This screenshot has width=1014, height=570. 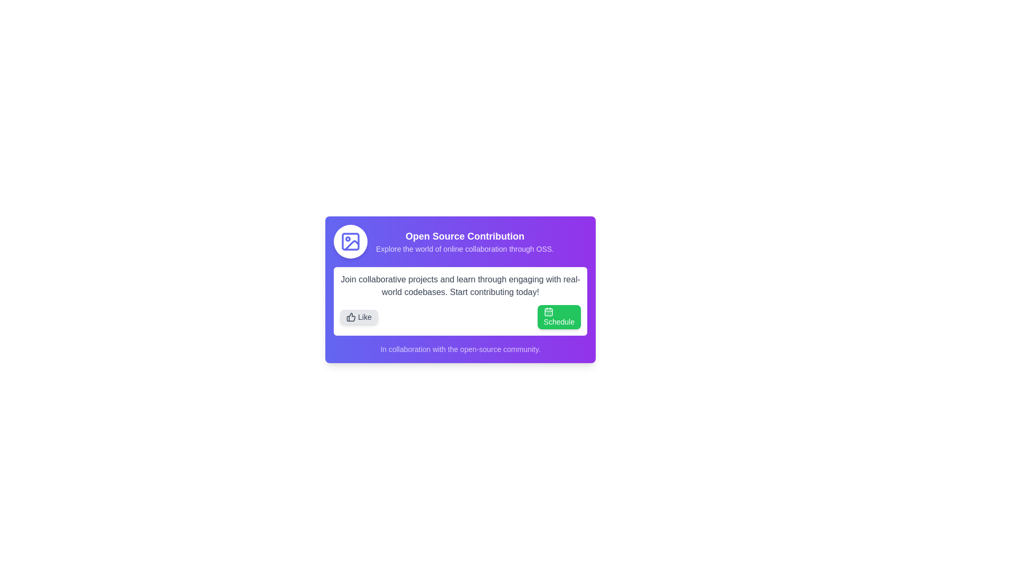 What do you see at coordinates (351, 317) in the screenshot?
I see `the design and styling of the thumbs-up icon located within the 'Like' button, positioned at the left side of the button, which is part of a card component` at bounding box center [351, 317].